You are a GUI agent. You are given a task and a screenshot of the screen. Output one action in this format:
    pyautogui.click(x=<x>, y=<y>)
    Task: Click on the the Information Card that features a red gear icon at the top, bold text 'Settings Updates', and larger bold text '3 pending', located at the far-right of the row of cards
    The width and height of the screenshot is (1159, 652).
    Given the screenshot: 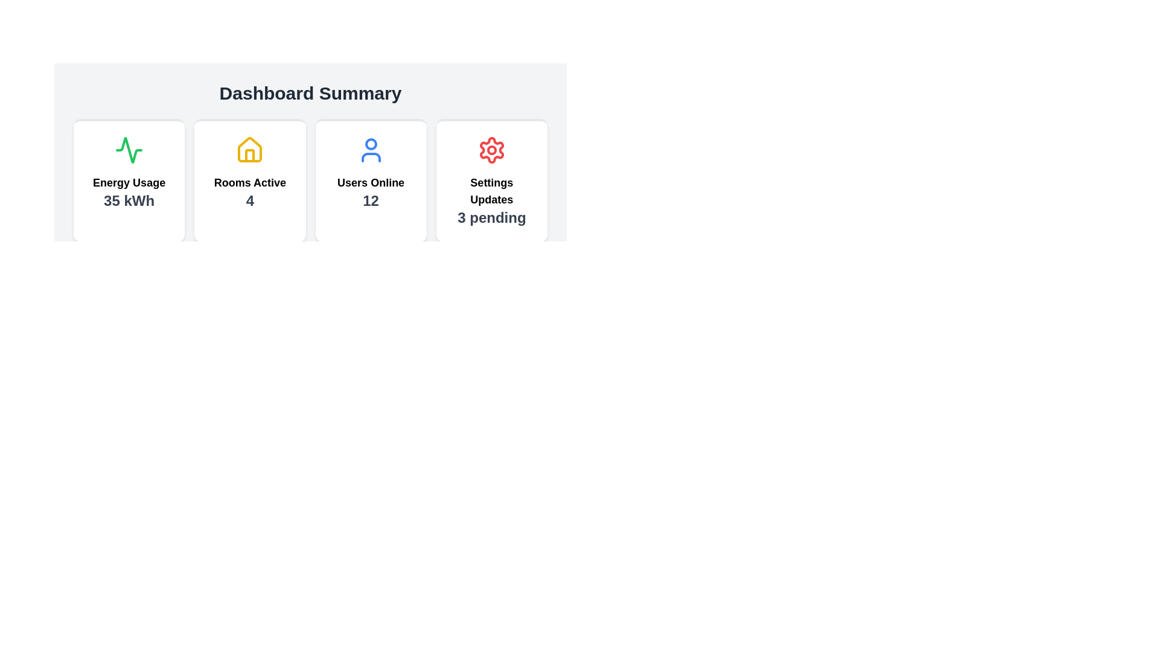 What is the action you would take?
    pyautogui.click(x=491, y=181)
    